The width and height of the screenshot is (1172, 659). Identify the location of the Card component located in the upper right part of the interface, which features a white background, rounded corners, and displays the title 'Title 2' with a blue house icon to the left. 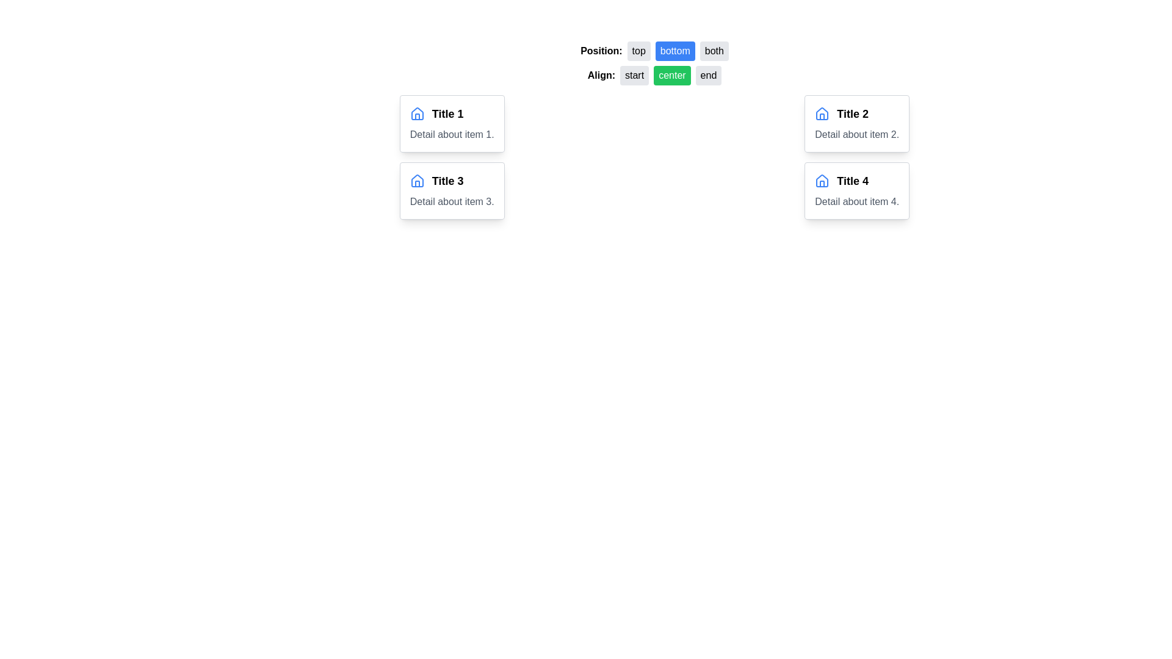
(856, 124).